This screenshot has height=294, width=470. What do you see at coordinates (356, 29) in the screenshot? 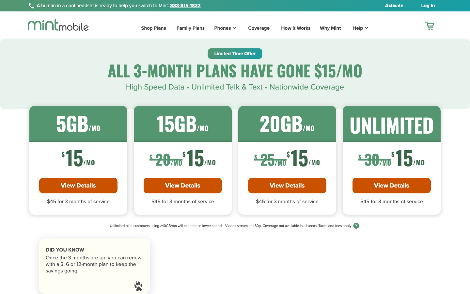
I see `the Support Section` at bounding box center [356, 29].